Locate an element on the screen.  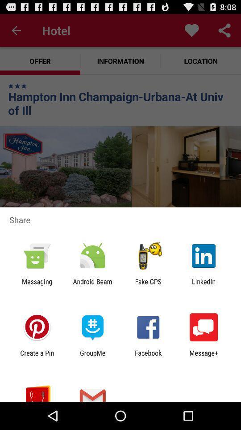
the app to the right of the messaging app is located at coordinates (92, 285).